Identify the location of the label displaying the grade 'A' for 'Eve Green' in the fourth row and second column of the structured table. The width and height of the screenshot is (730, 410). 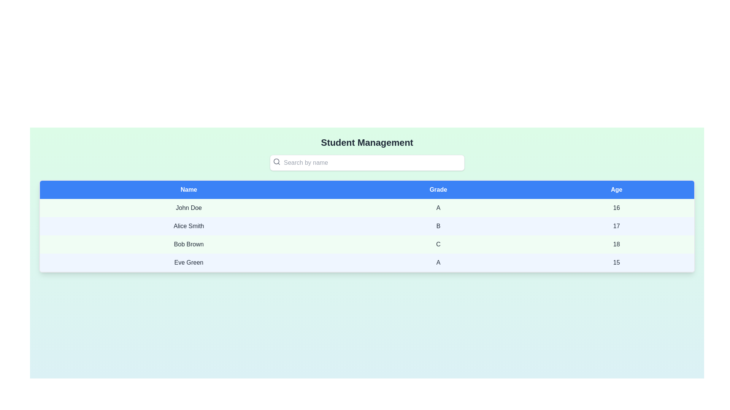
(438, 262).